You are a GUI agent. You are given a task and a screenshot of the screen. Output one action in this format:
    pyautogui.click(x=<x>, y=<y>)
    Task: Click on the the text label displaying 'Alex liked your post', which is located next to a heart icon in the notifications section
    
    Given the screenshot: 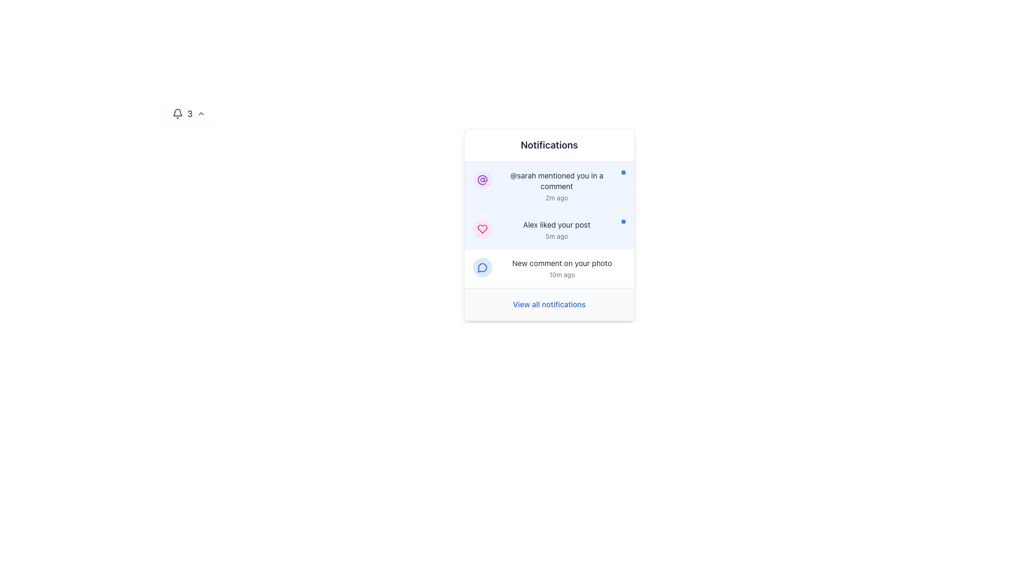 What is the action you would take?
    pyautogui.click(x=556, y=224)
    